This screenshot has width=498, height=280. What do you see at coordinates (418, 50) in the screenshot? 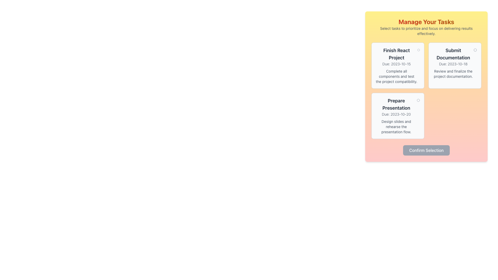
I see `the Circle icon located at the upper-right corner of the 'Finish React Project' task card to interact with it` at bounding box center [418, 50].